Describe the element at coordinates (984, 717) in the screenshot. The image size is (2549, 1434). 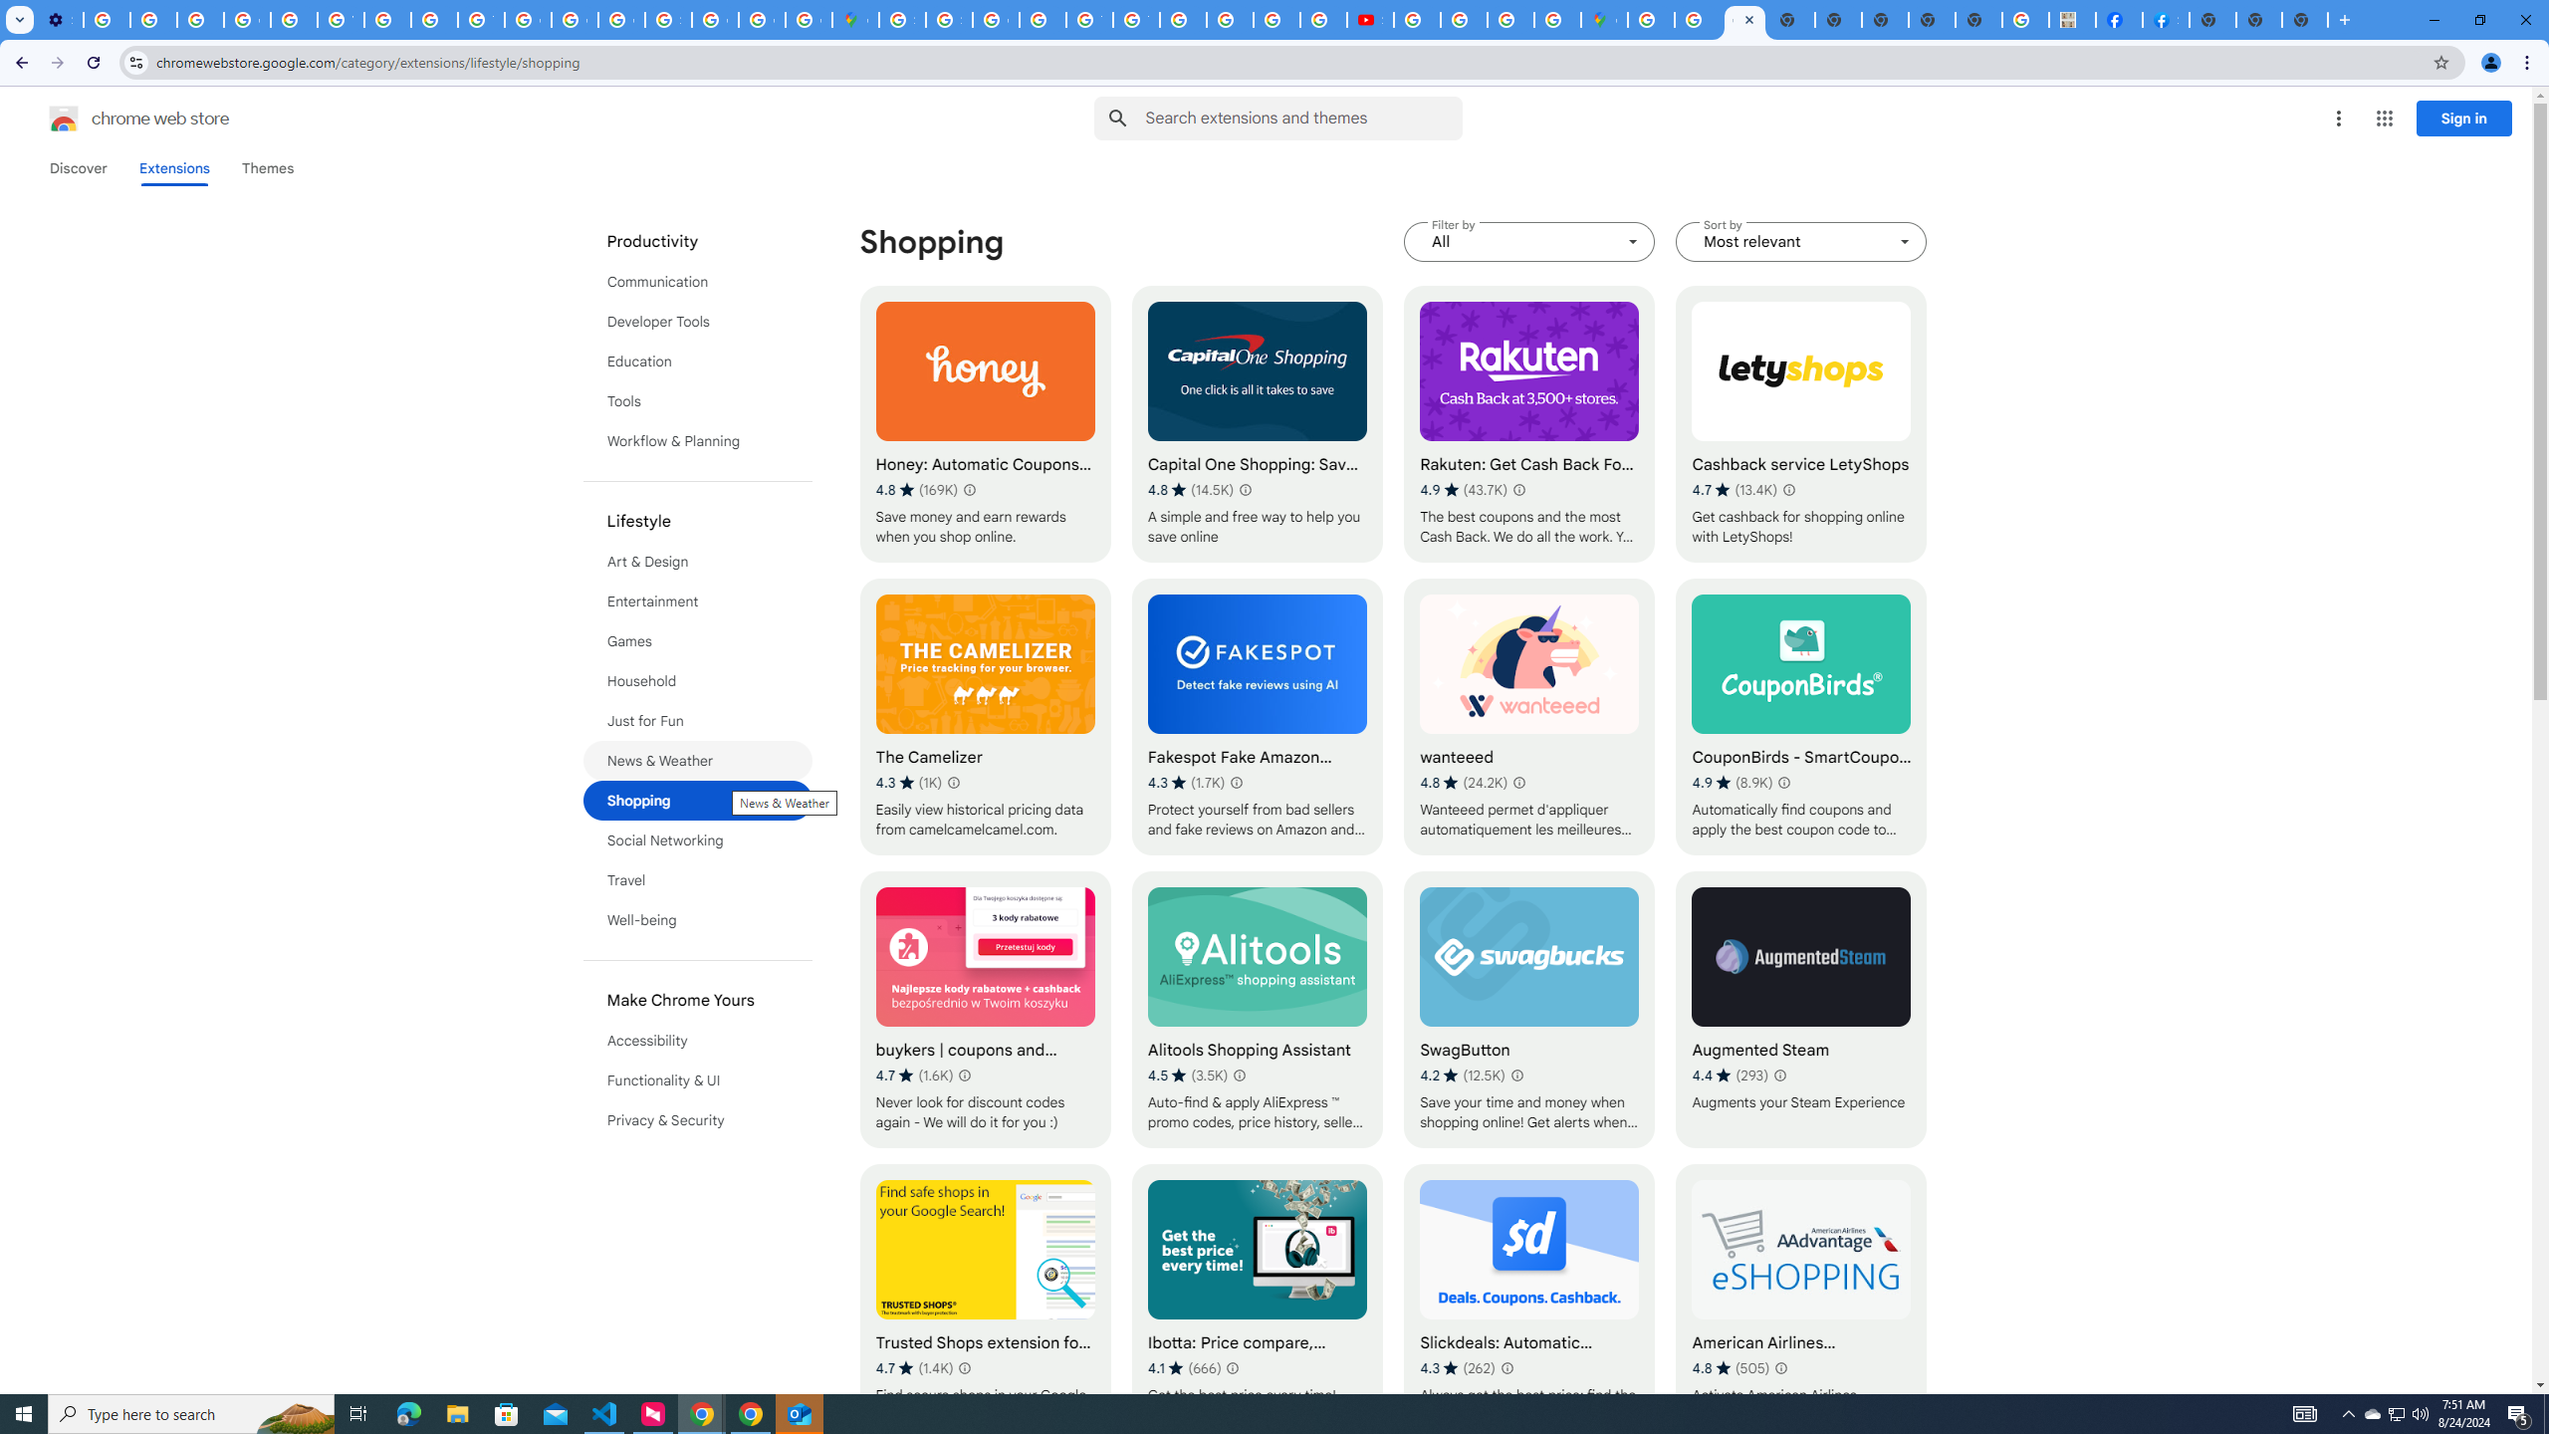
I see `'The Camelizer'` at that location.